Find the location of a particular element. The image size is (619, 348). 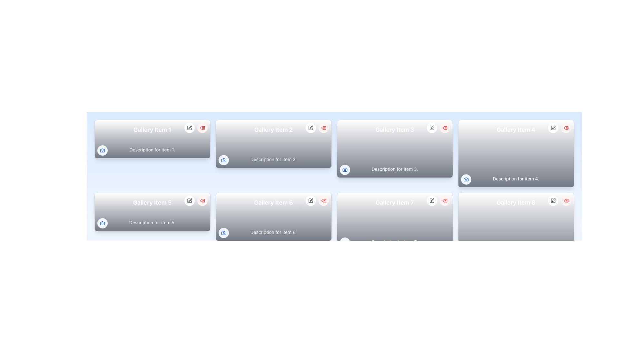

the static text label that provides information about 'Gallery Item 7', located at the bottom of the corresponding card in the grid layout is located at coordinates (394, 242).